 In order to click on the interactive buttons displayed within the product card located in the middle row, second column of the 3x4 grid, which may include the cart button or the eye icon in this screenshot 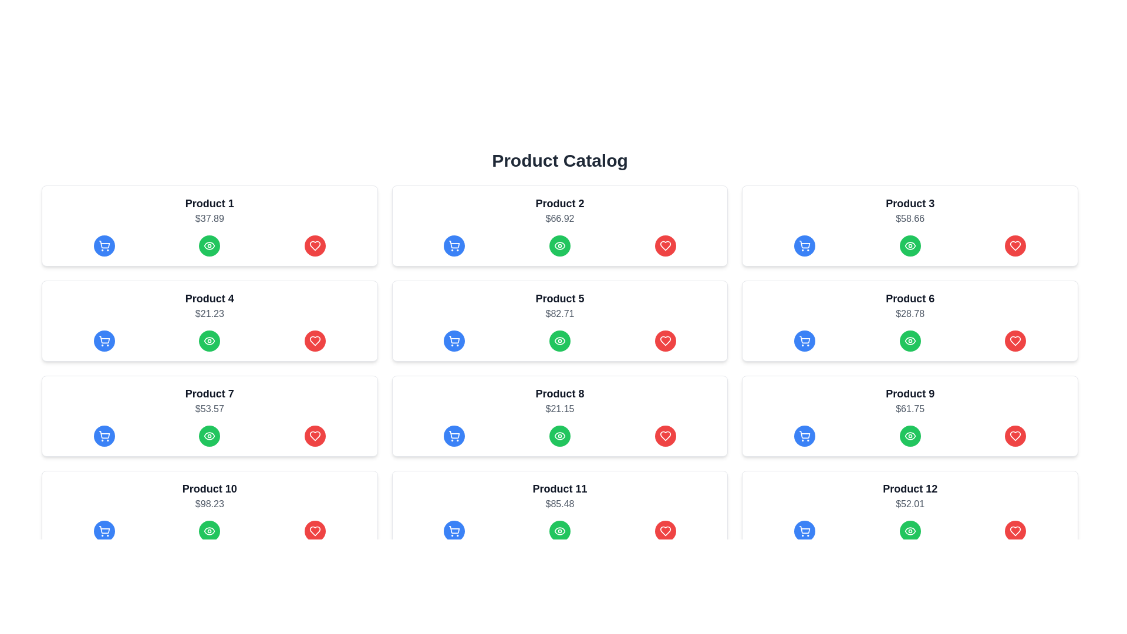, I will do `click(559, 416)`.